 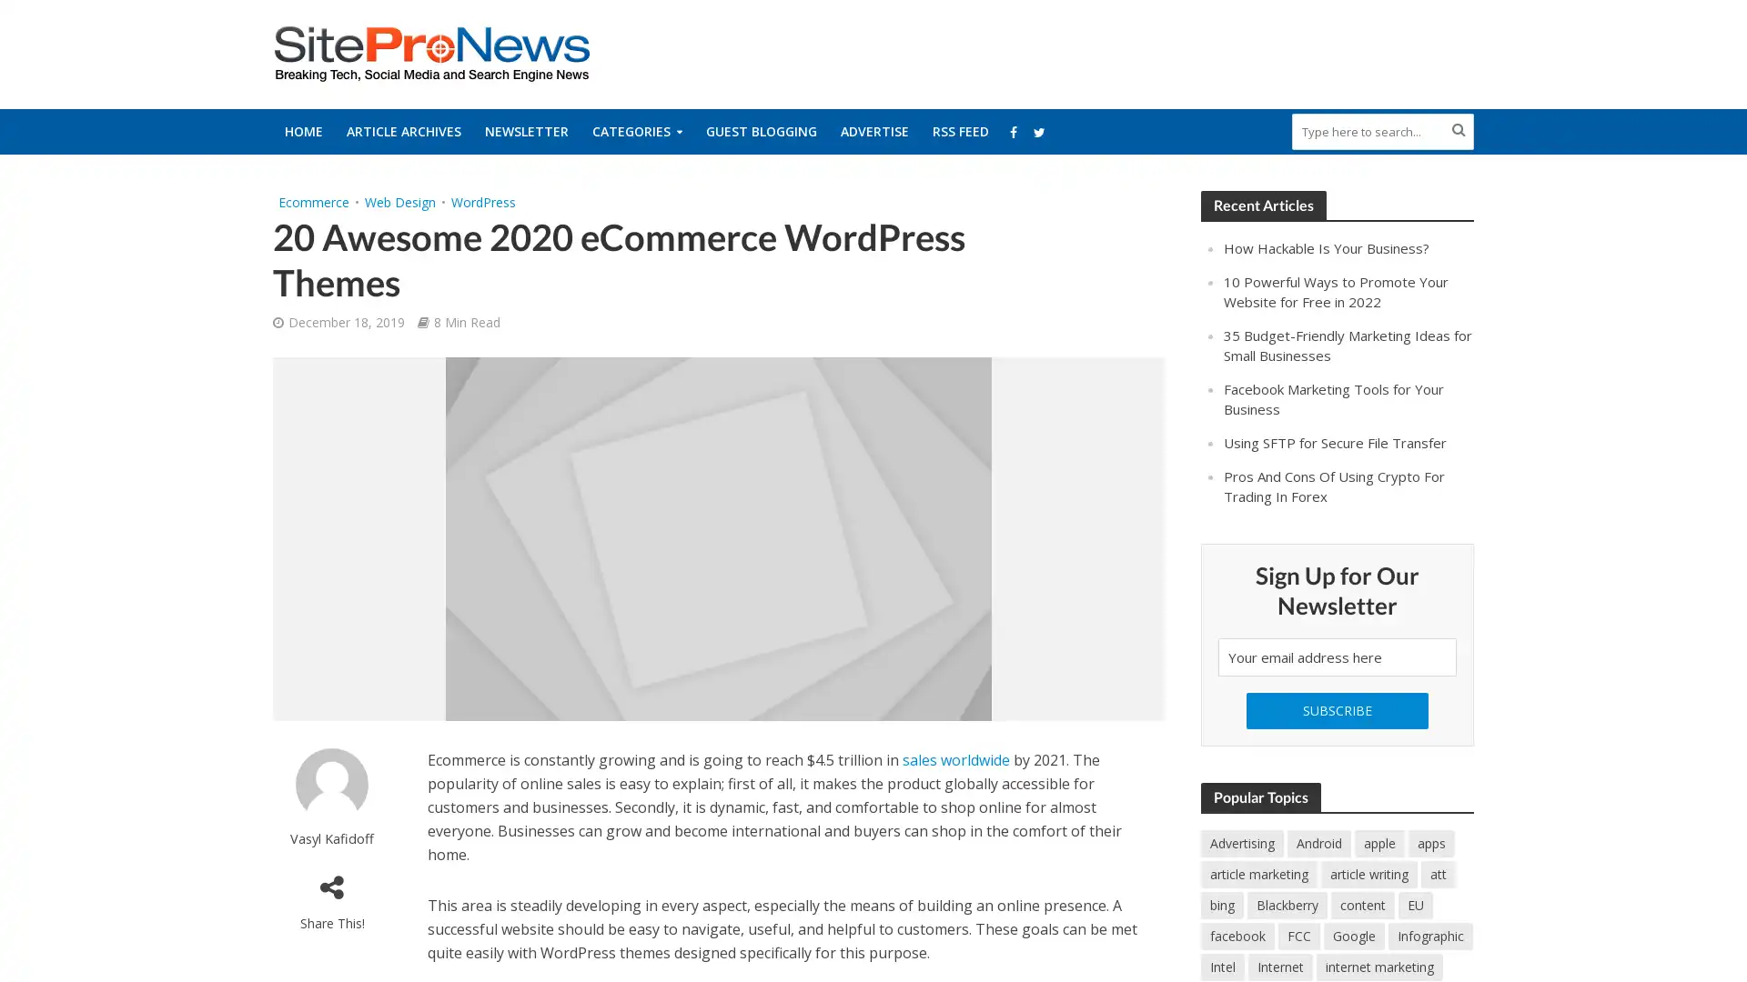 I want to click on Subscribe, so click(x=1337, y=708).